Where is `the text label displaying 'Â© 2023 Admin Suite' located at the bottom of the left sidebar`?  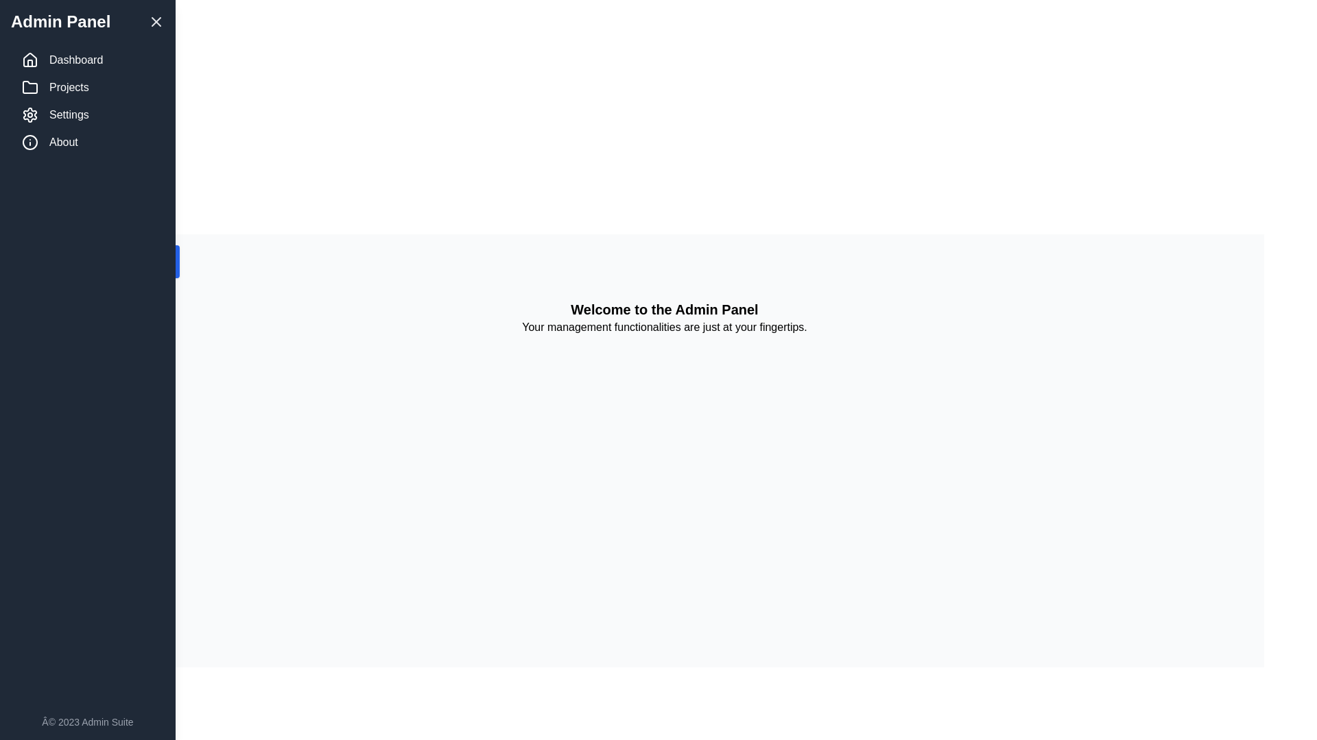 the text label displaying 'Â© 2023 Admin Suite' located at the bottom of the left sidebar is located at coordinates (87, 721).